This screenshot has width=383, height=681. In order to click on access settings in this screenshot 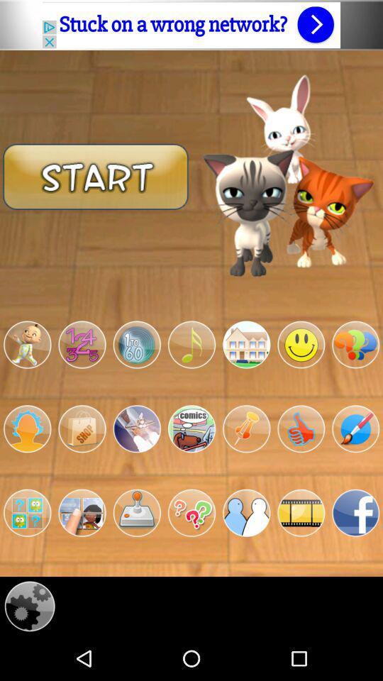, I will do `click(30, 605)`.